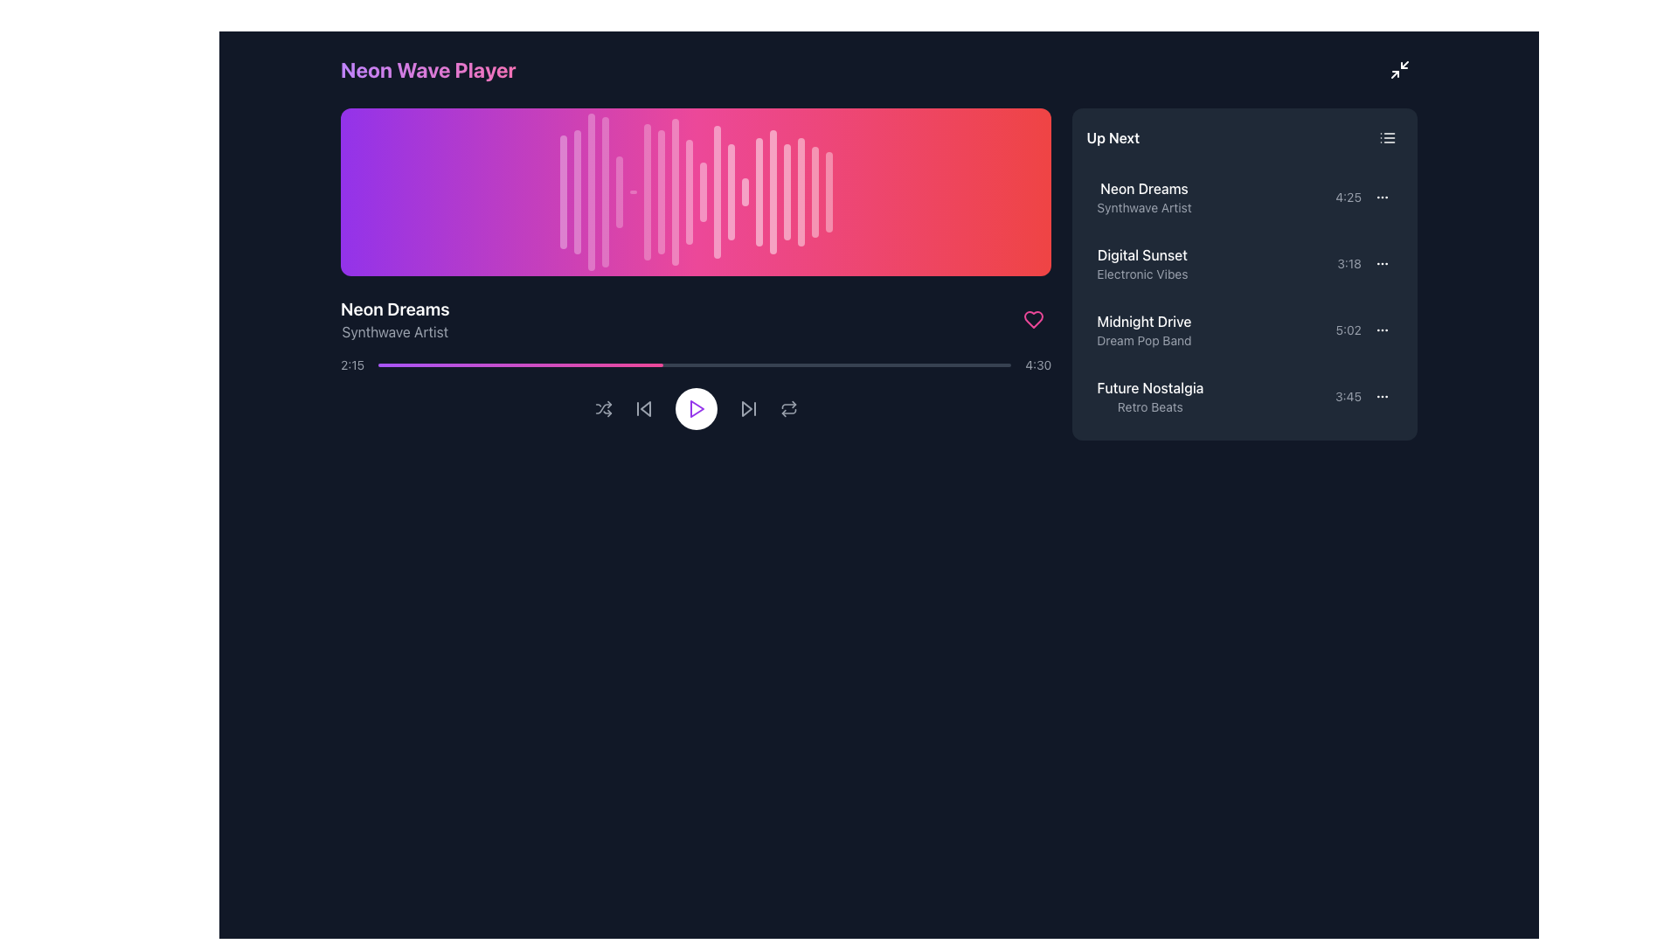 This screenshot has width=1678, height=944. What do you see at coordinates (1363, 397) in the screenshot?
I see `the text label displaying '3:45' with the associated menu icon (three dots) located in the bottom section of the 'Up Next' list in the right sidebar of the application, corresponding to 'Future Nostalgia' with the subtitle 'Retro Beats'` at bounding box center [1363, 397].